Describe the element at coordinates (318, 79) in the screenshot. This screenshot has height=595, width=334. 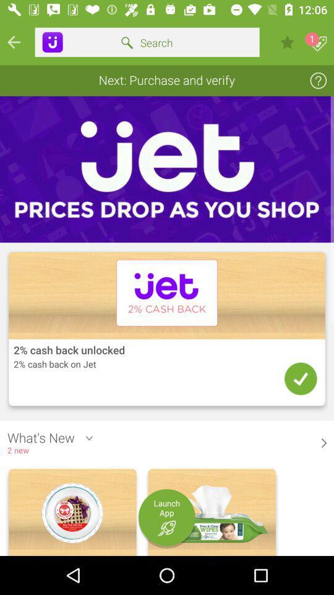
I see `the right top corner icon above the image` at that location.